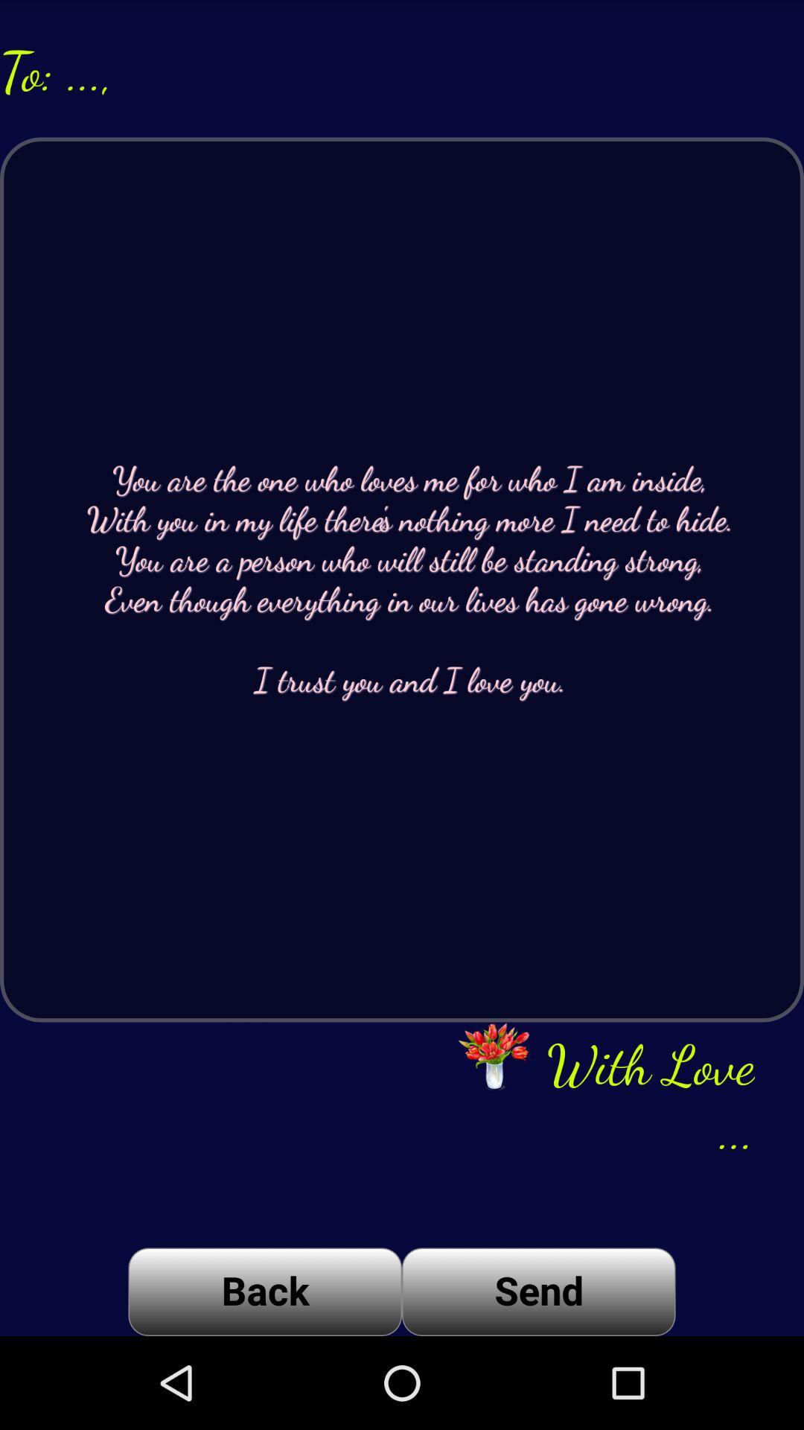 The image size is (804, 1430). I want to click on item next to the send item, so click(264, 1291).